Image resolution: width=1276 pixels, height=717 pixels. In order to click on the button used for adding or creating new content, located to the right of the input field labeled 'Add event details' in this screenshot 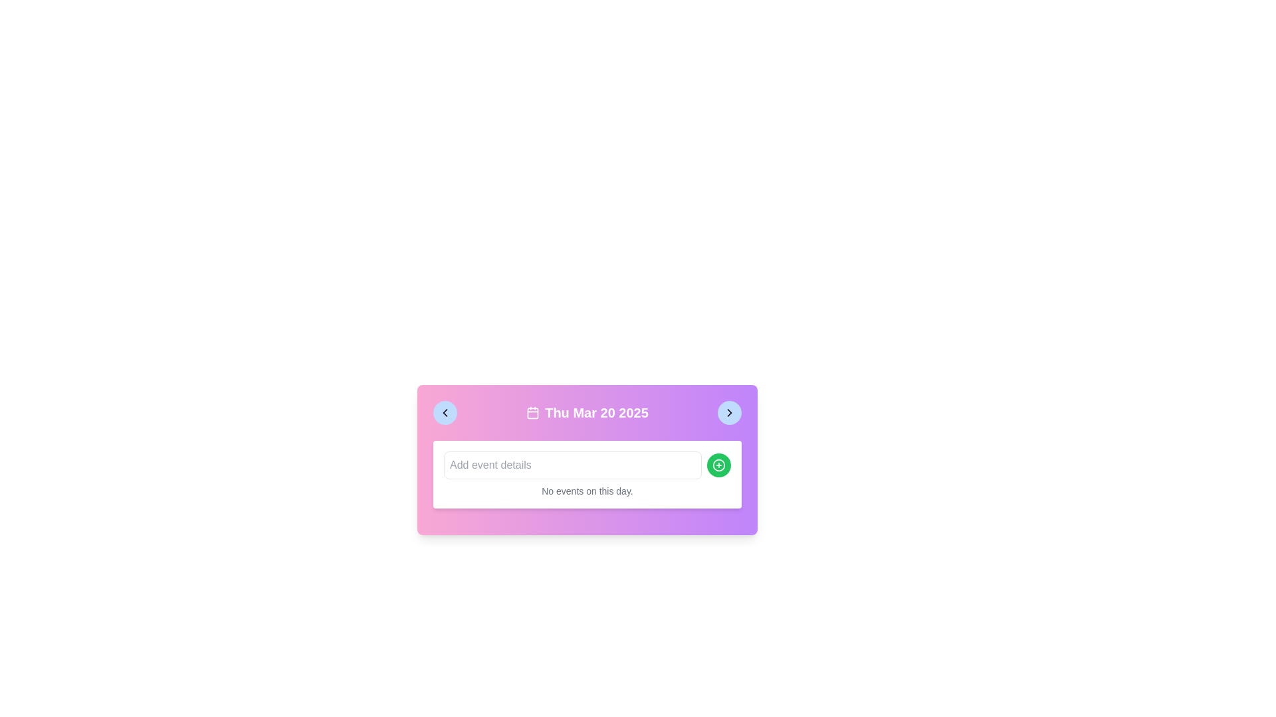, I will do `click(718, 465)`.